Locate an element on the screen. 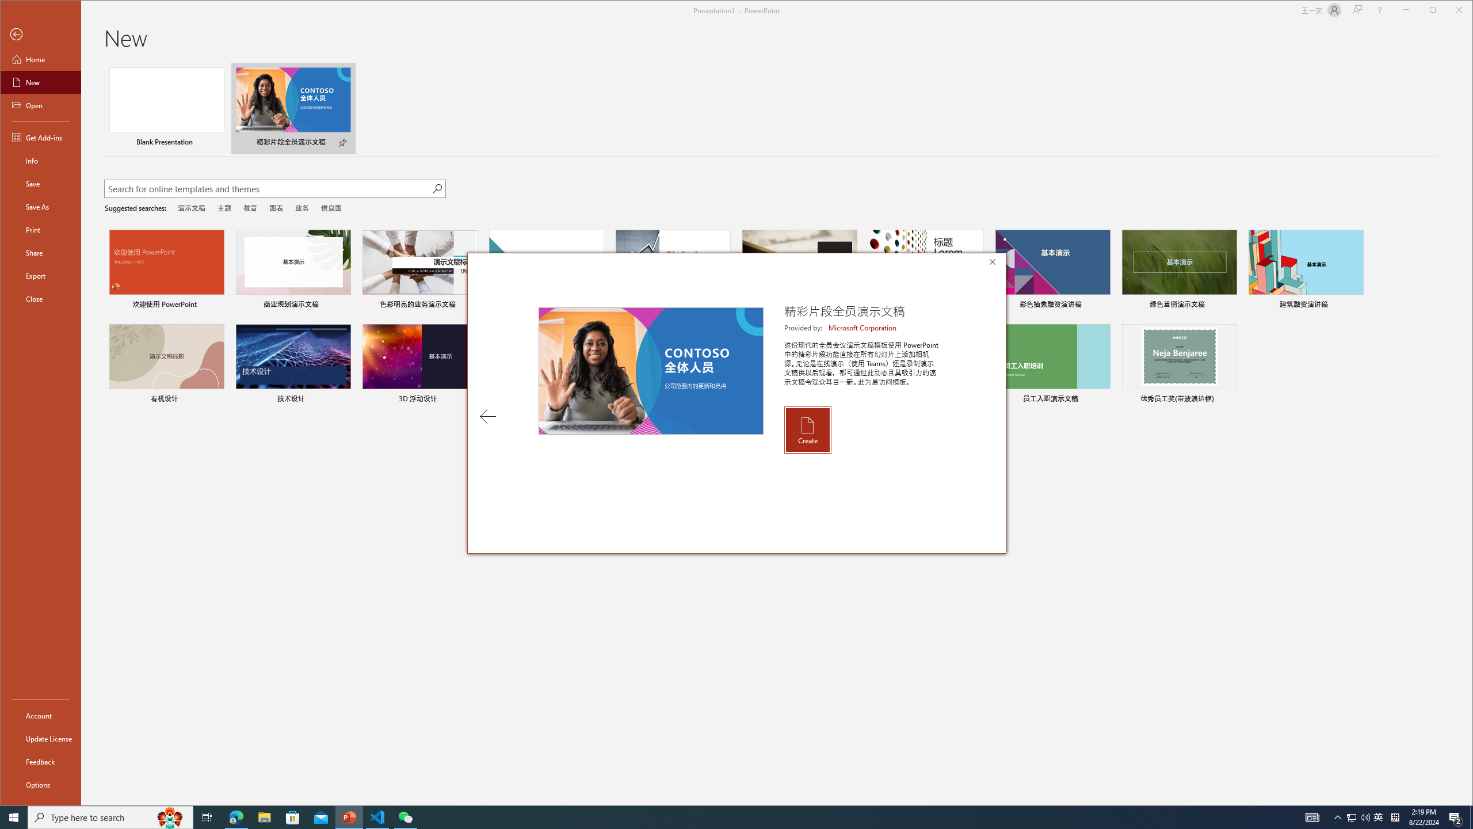 This screenshot has width=1473, height=829. 'Microsoft Edge - 1 running window' is located at coordinates (235, 816).